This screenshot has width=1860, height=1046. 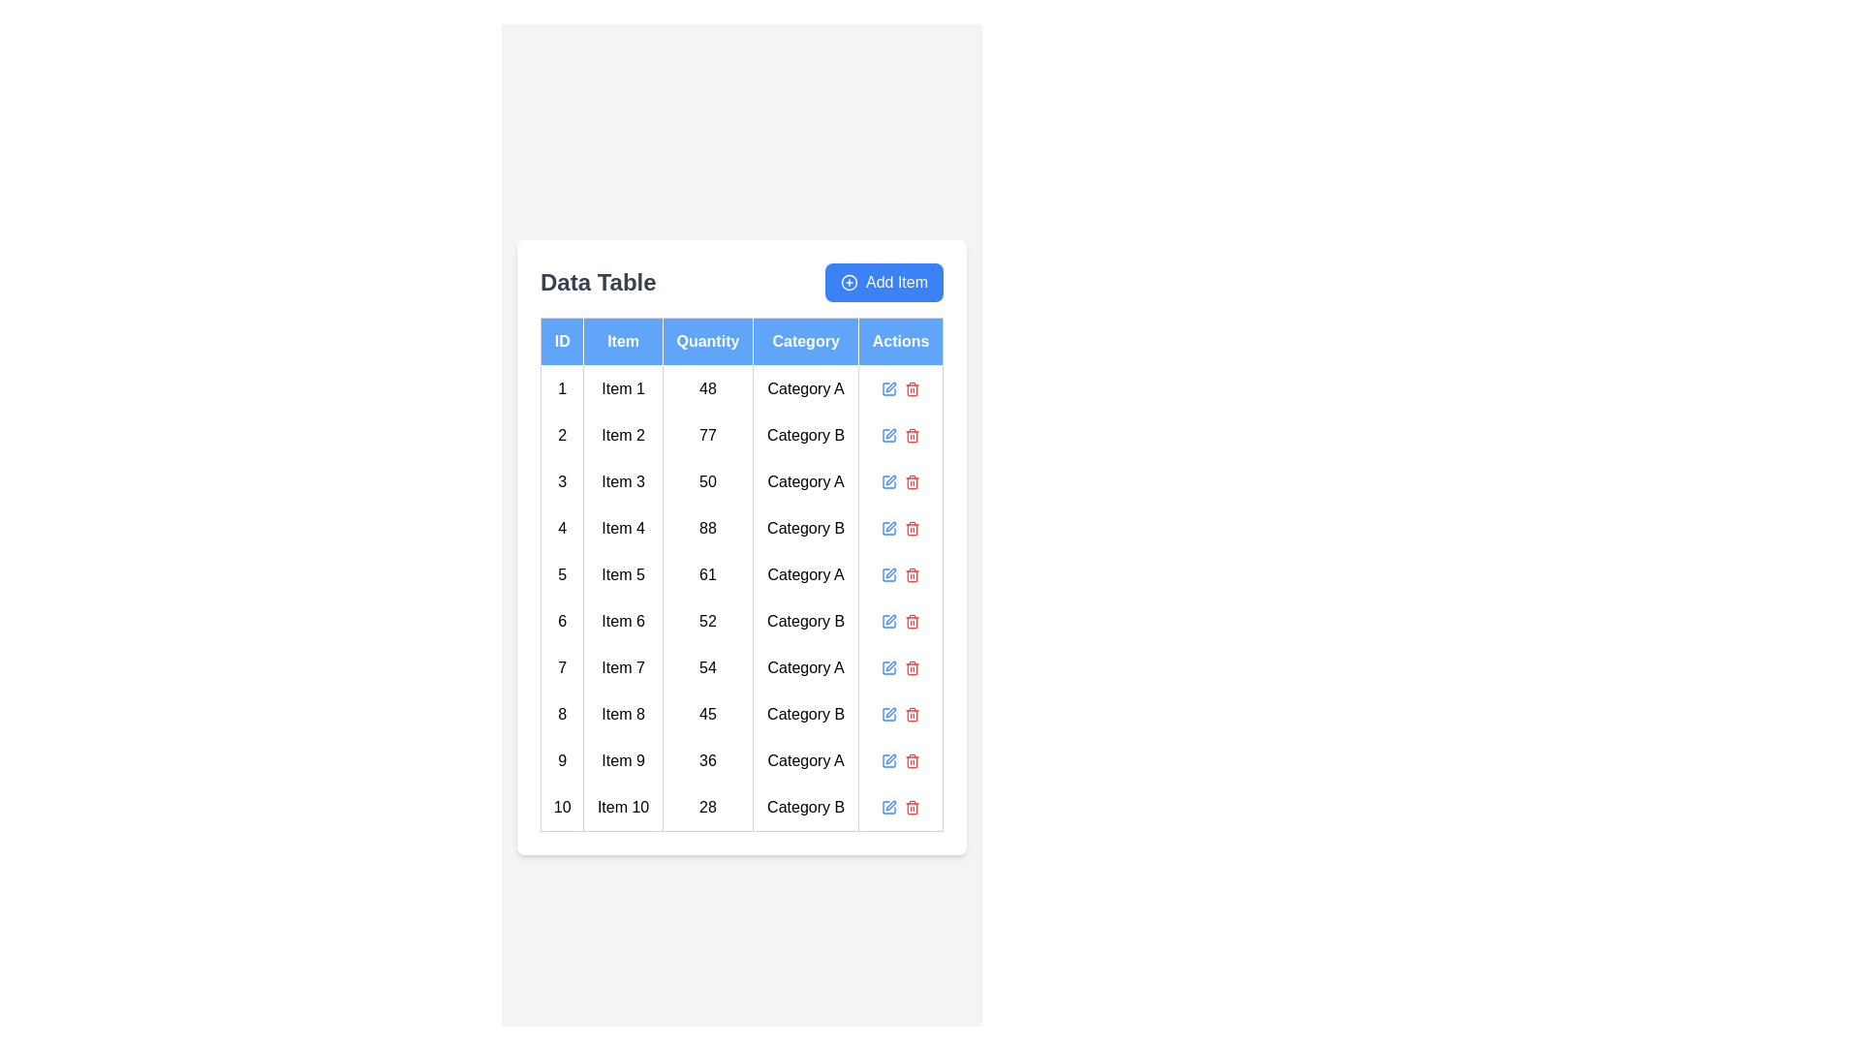 What do you see at coordinates (706, 666) in the screenshot?
I see `the text cell displaying the quantity for 'Item 7' in the seventh row of the table under the 'Quantity' column` at bounding box center [706, 666].